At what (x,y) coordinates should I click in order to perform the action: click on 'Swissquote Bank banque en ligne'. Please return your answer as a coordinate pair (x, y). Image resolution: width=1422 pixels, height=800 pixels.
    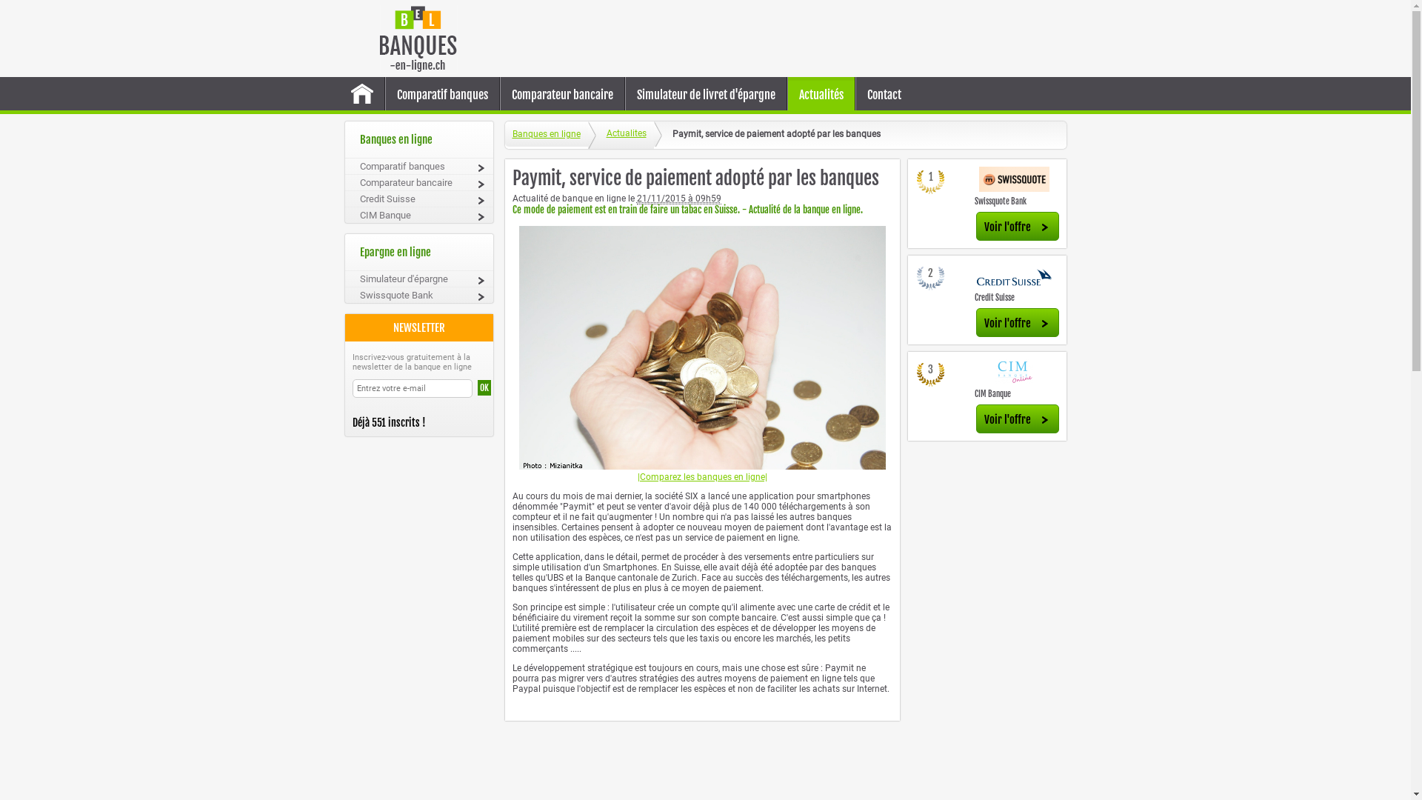
    Looking at the image, I should click on (1013, 179).